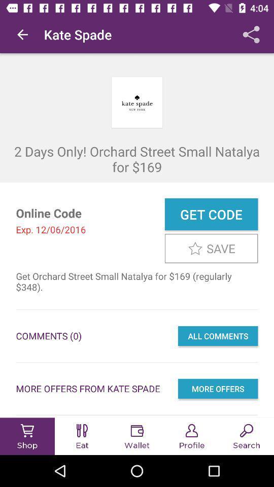 This screenshot has height=487, width=274. Describe the element at coordinates (217, 336) in the screenshot. I see `item next to comments (0) icon` at that location.